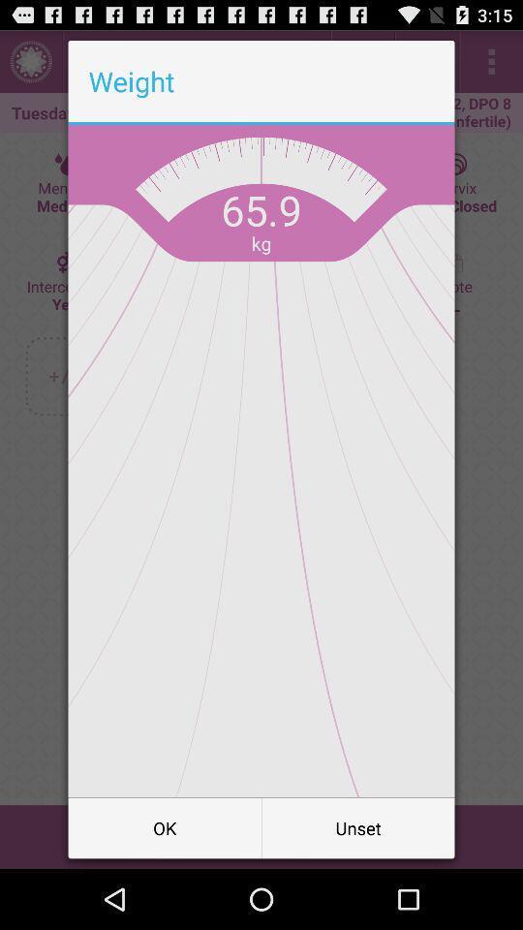 The image size is (523, 930). I want to click on unset icon, so click(357, 826).